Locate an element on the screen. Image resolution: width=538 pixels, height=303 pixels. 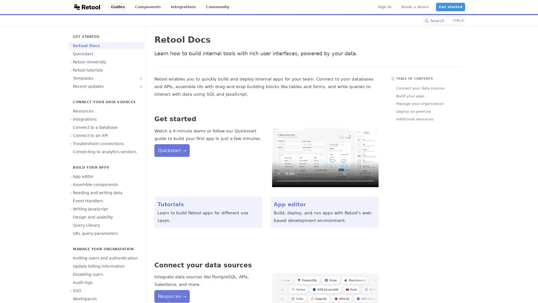
Show subpages for Connect to an API is located at coordinates (71, 135).